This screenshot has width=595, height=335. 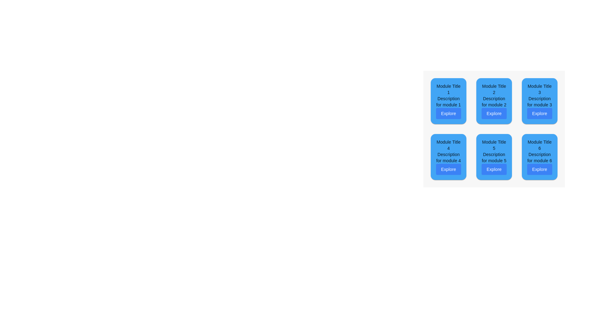 What do you see at coordinates (494, 157) in the screenshot?
I see `the text block displaying 'Description for module 5'` at bounding box center [494, 157].